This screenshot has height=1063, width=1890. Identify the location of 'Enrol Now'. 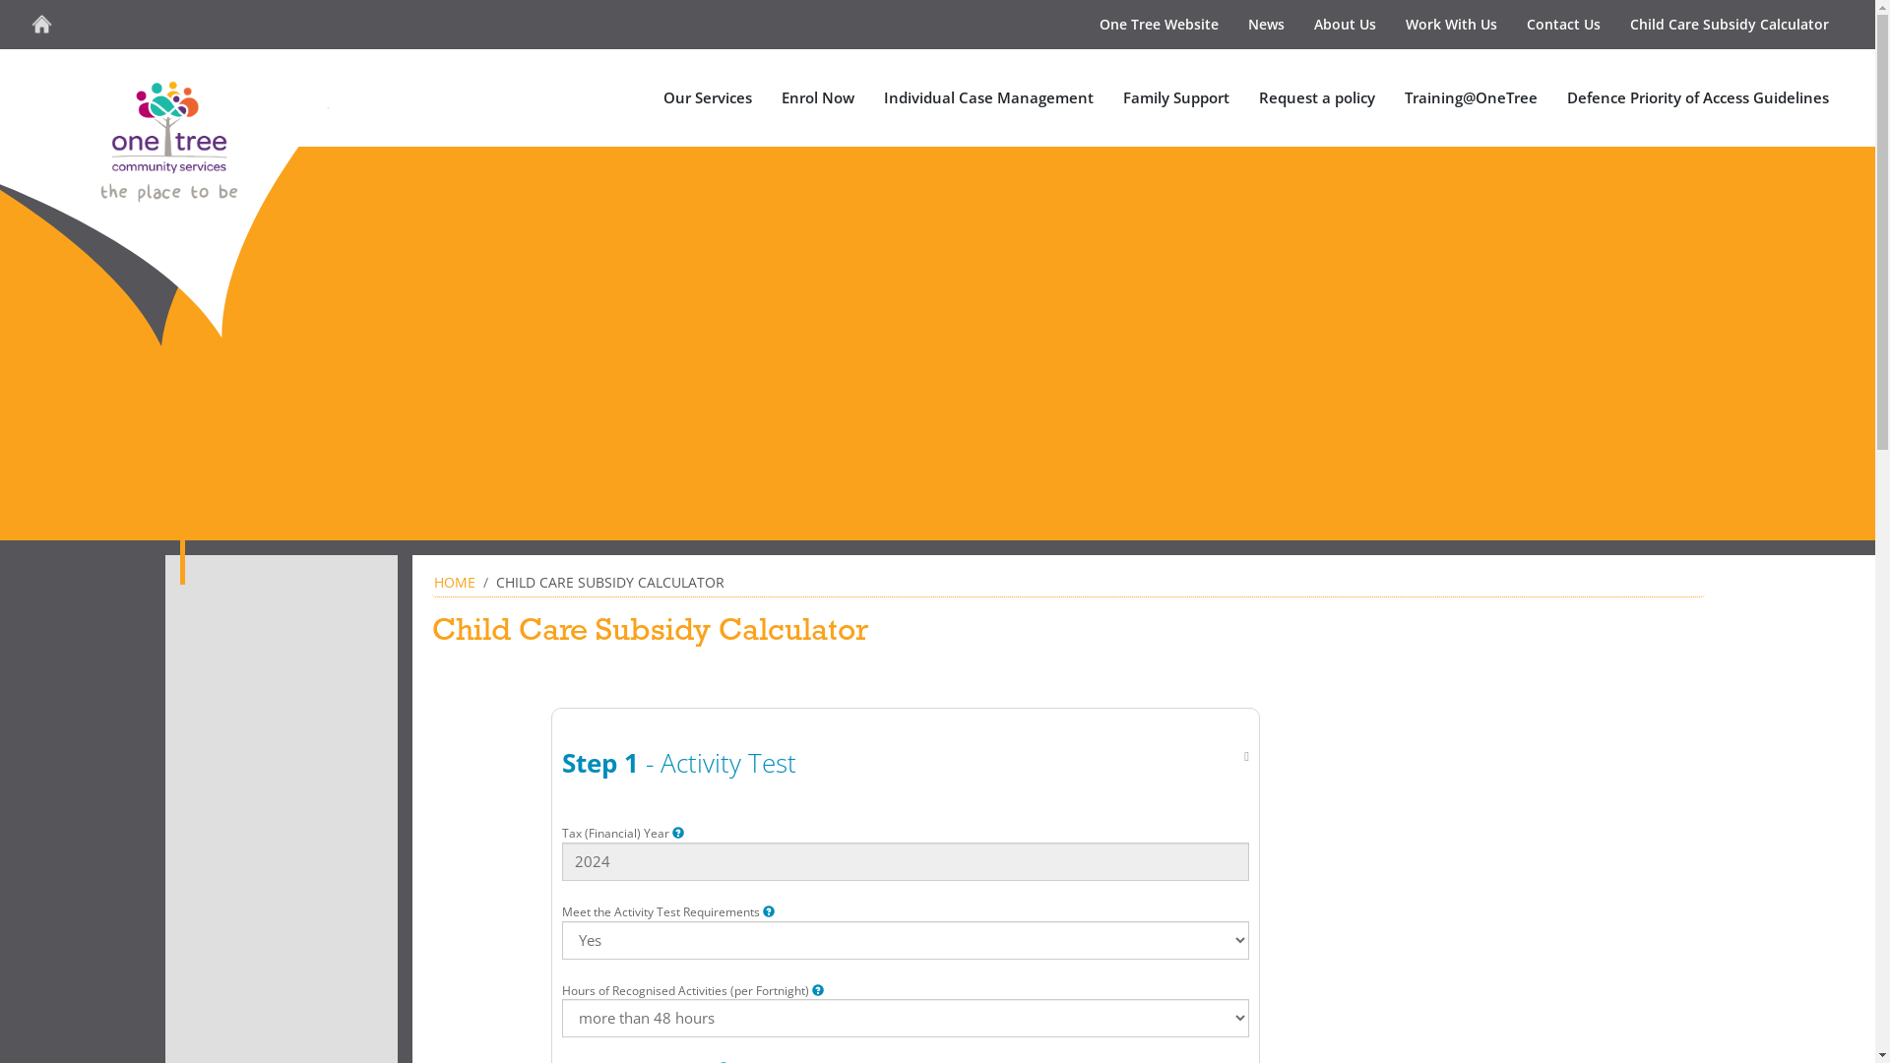
(817, 97).